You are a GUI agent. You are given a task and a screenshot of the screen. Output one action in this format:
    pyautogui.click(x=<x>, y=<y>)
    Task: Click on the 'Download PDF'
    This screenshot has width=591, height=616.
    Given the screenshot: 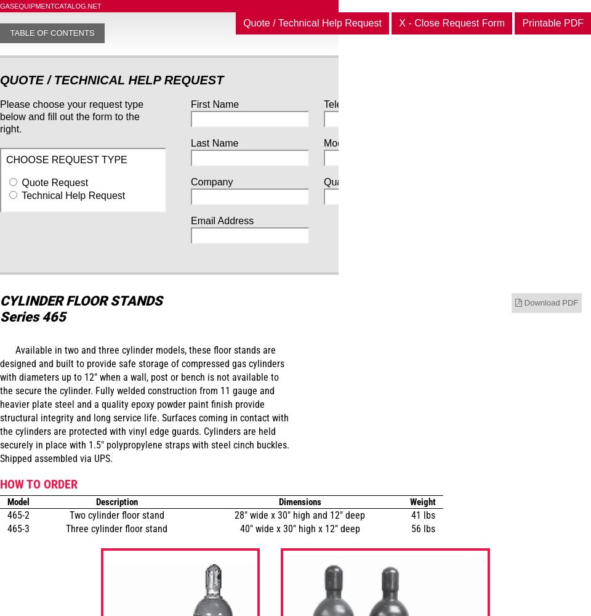 What is the action you would take?
    pyautogui.click(x=550, y=302)
    